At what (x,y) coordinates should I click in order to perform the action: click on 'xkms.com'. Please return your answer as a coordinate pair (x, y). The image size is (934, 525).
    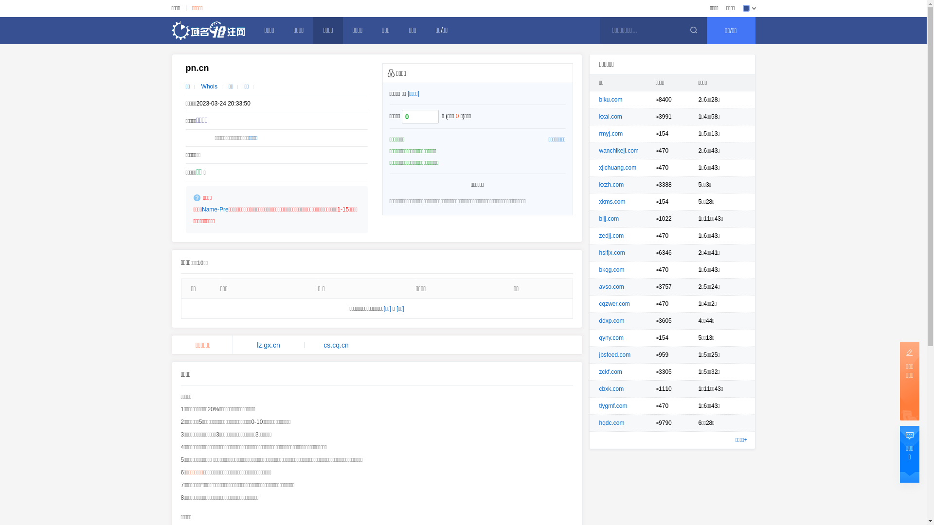
    Looking at the image, I should click on (611, 201).